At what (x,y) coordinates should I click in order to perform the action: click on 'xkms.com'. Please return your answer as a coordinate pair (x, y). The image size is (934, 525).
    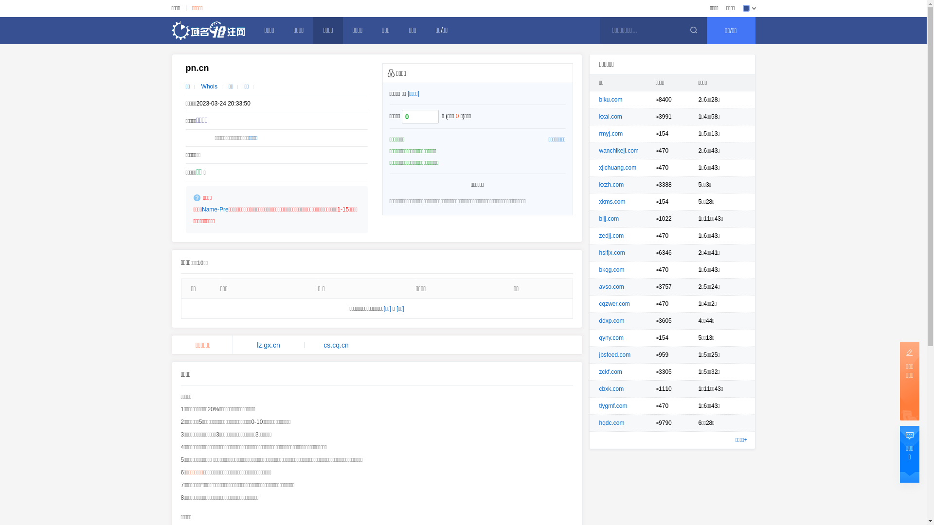
    Looking at the image, I should click on (611, 201).